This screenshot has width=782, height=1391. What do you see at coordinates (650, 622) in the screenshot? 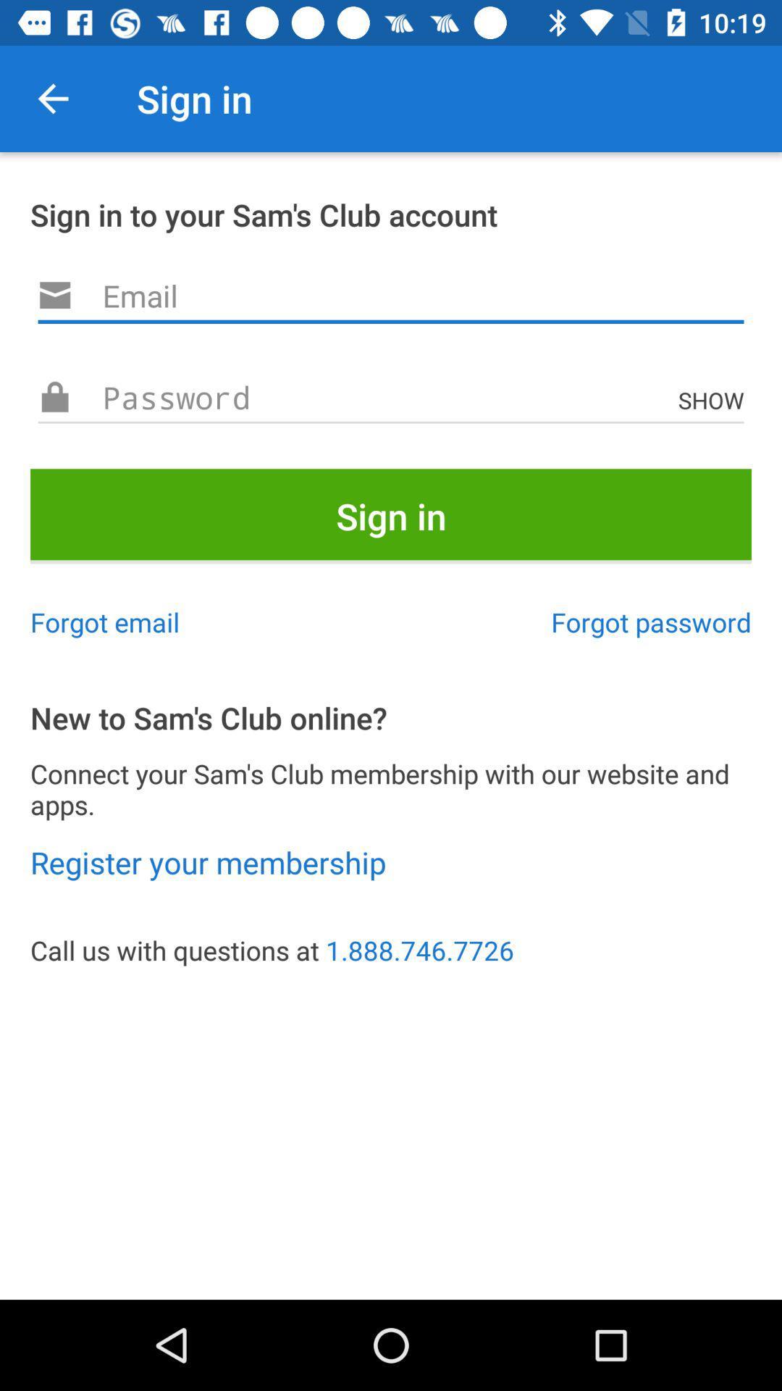
I see `icon below sign in icon` at bounding box center [650, 622].